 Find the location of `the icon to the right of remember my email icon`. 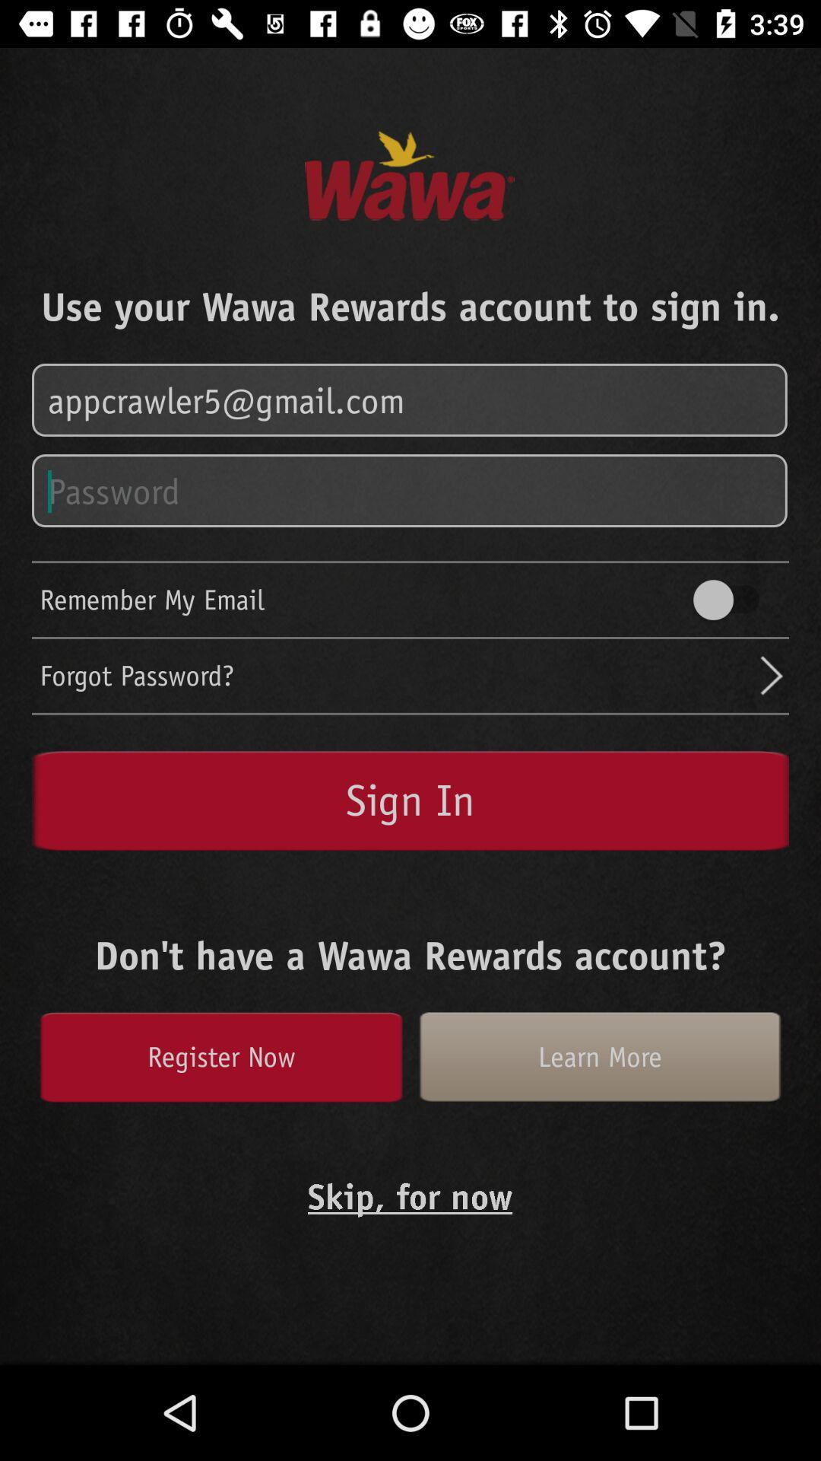

the icon to the right of remember my email icon is located at coordinates (733, 599).